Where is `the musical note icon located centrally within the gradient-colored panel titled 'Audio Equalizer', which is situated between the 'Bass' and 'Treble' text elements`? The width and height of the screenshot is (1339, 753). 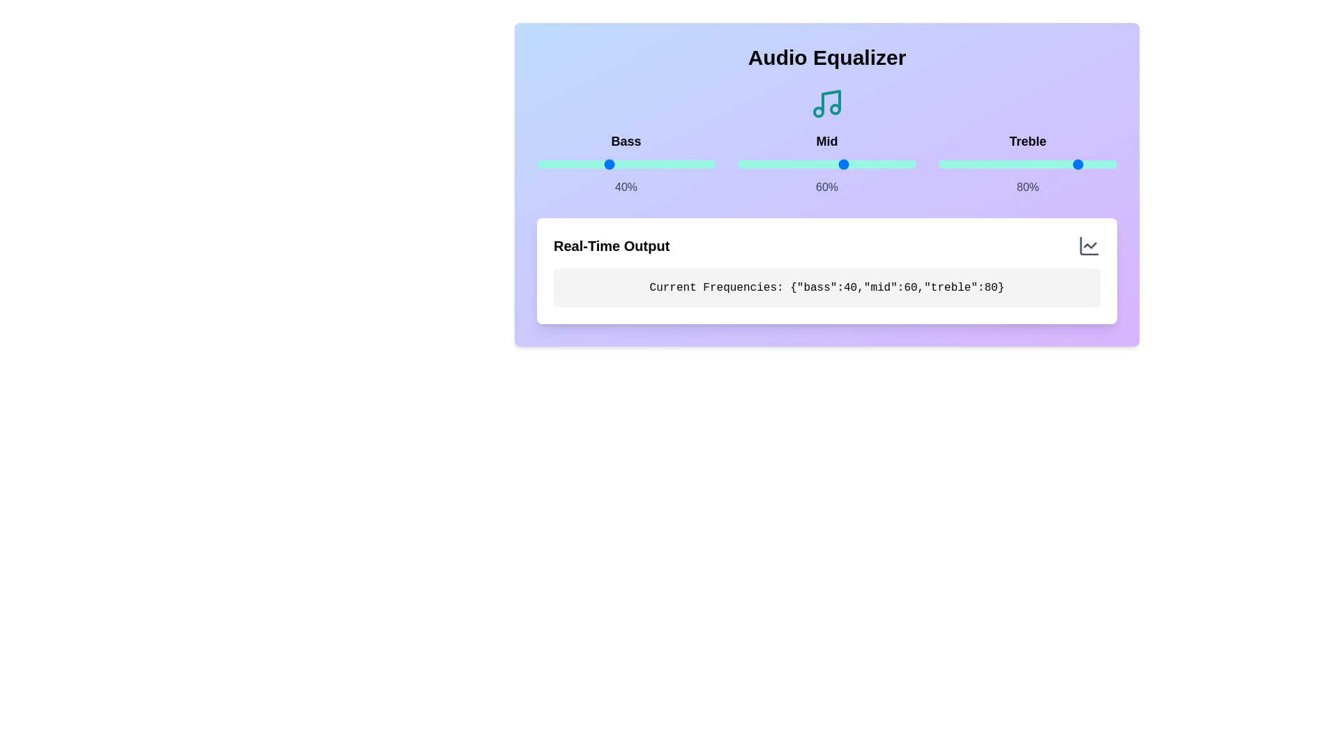
the musical note icon located centrally within the gradient-colored panel titled 'Audio Equalizer', which is situated between the 'Bass' and 'Treble' text elements is located at coordinates (826, 103).